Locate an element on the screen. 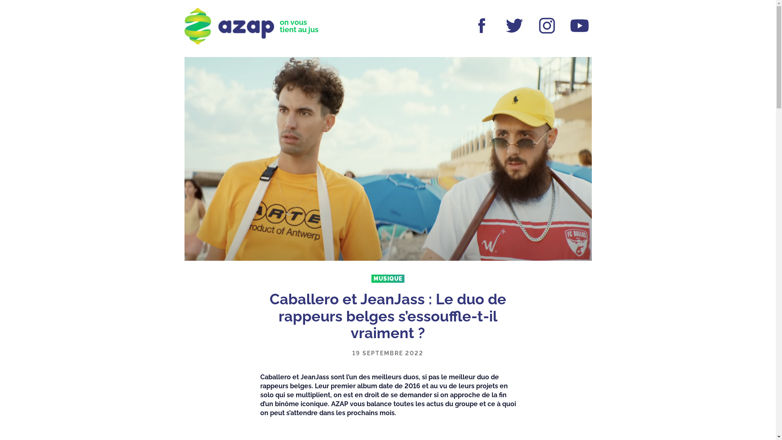 The width and height of the screenshot is (782, 440). 'MUSIQUE' is located at coordinates (387, 278).